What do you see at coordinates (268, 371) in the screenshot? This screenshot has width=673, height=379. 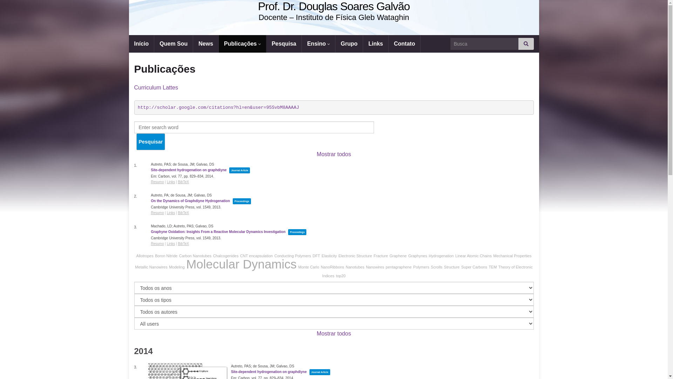 I see `'Site-dependent hydrogenation on graphdiyne'` at bounding box center [268, 371].